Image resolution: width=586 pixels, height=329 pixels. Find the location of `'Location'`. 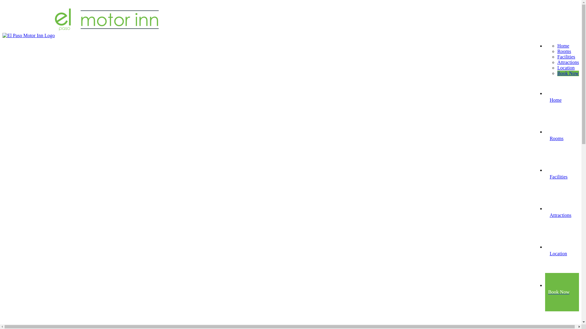

'Location' is located at coordinates (562, 253).